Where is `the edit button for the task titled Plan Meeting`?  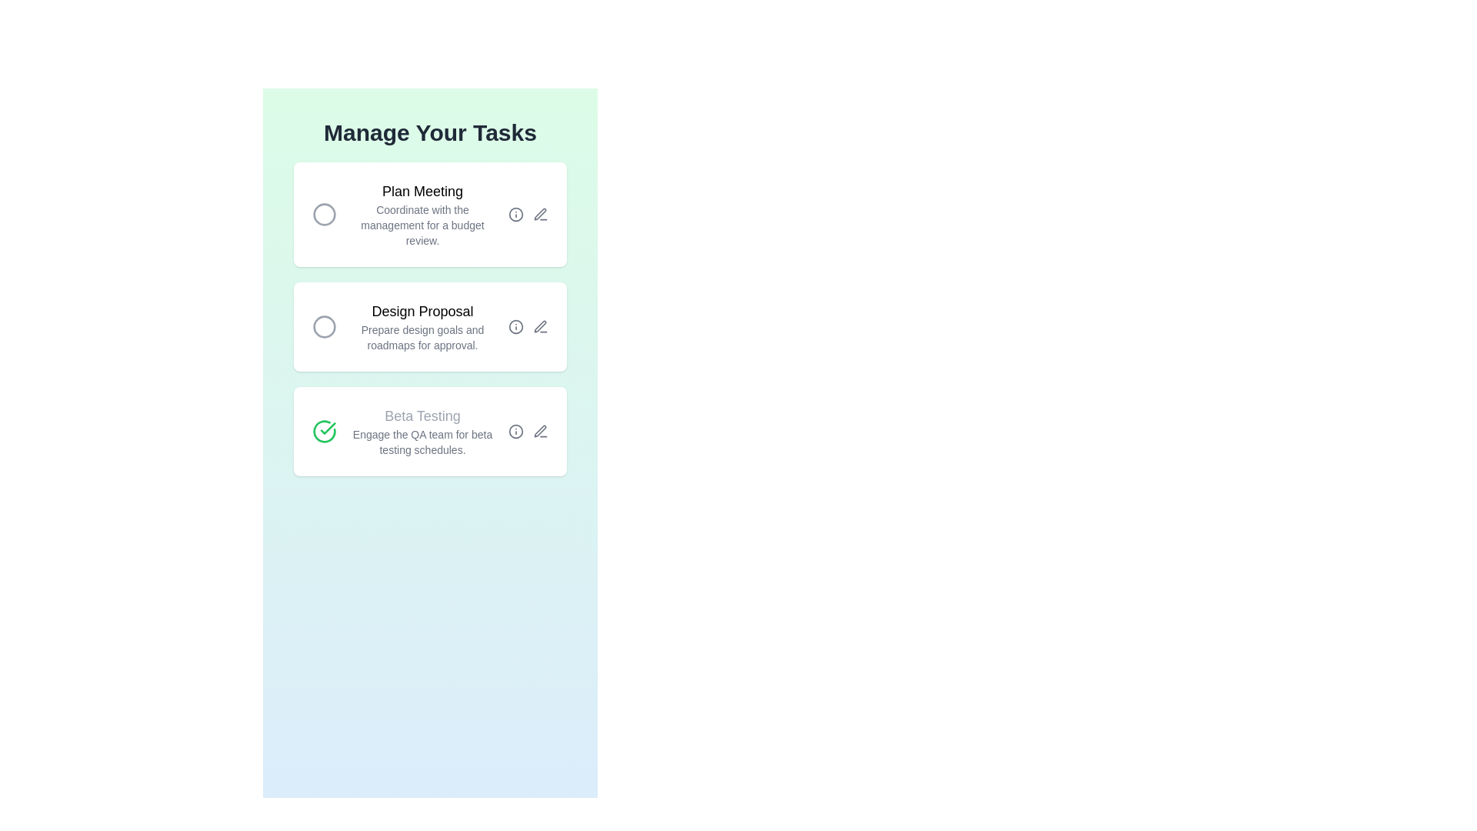
the edit button for the task titled Plan Meeting is located at coordinates (540, 214).